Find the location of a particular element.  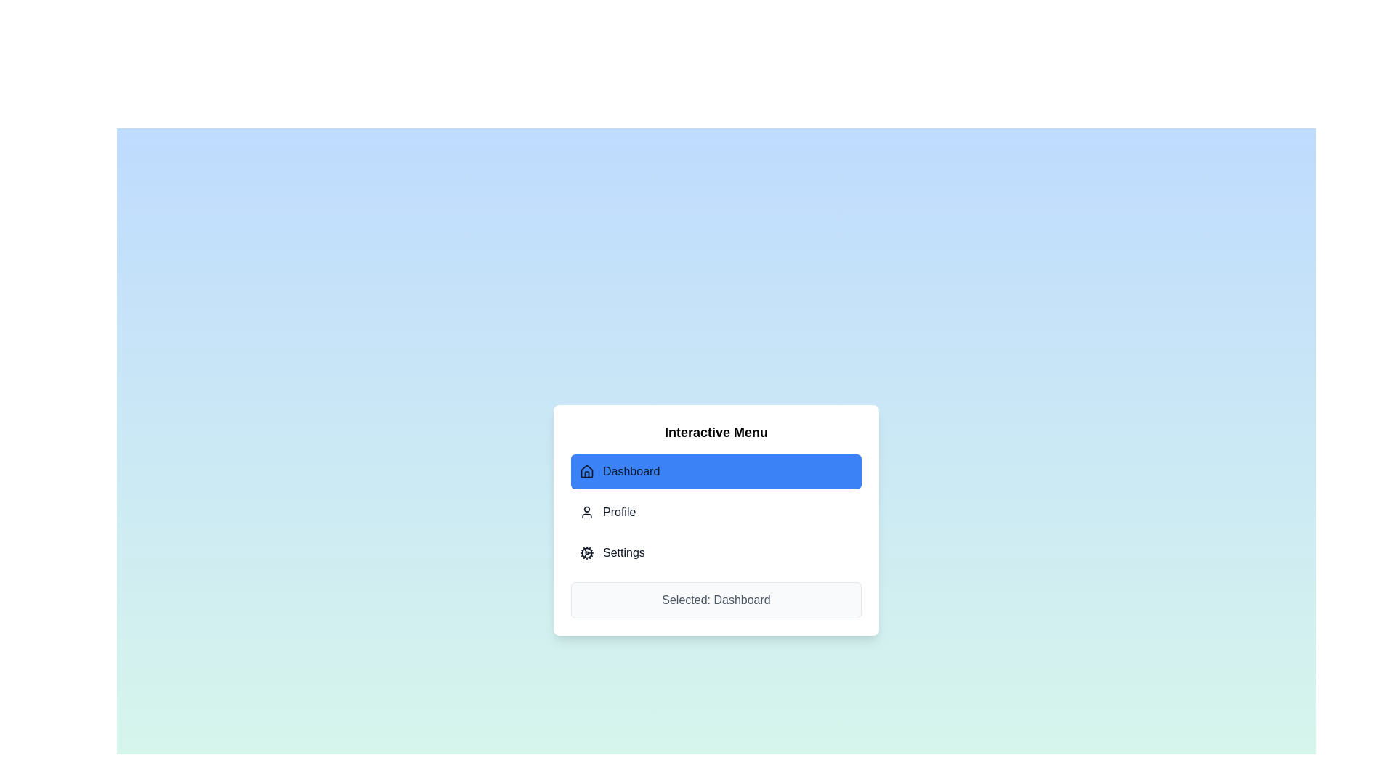

the tab labeled Profile to observe the visual feedback is located at coordinates (716, 511).